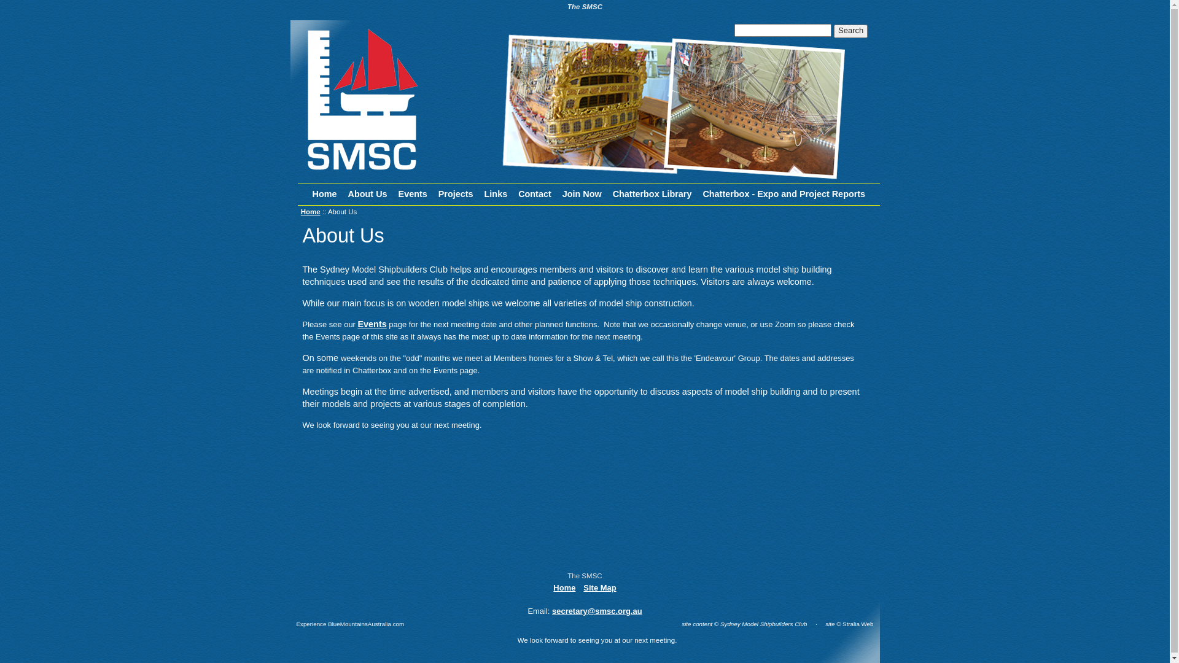 This screenshot has width=1179, height=663. I want to click on 'Join Now', so click(582, 193).